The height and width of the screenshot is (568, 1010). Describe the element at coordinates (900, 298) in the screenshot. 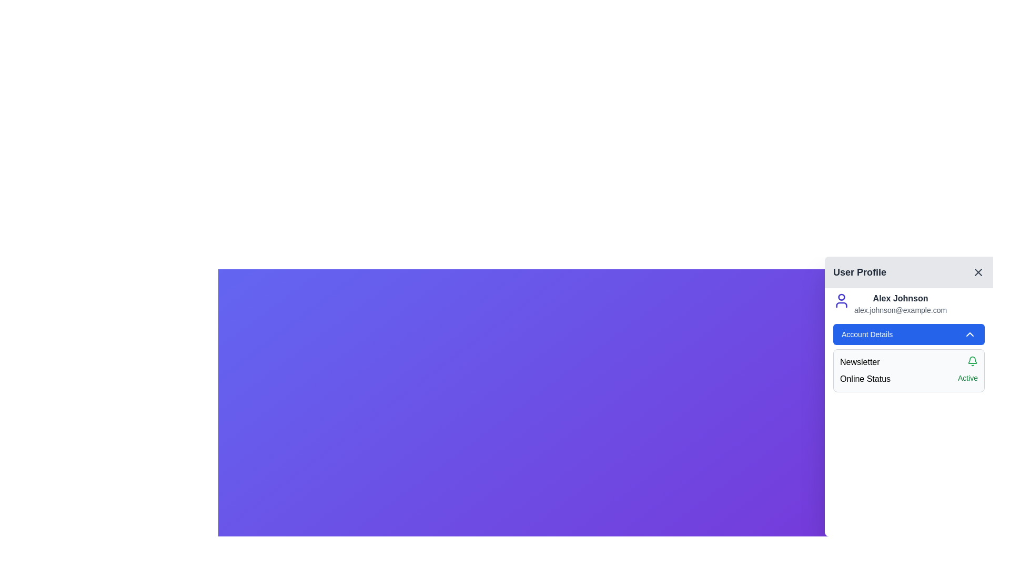

I see `the bold text label displaying the name 'Alex Johnson', which is centrally positioned above the email address in the 'User Profile' section` at that location.